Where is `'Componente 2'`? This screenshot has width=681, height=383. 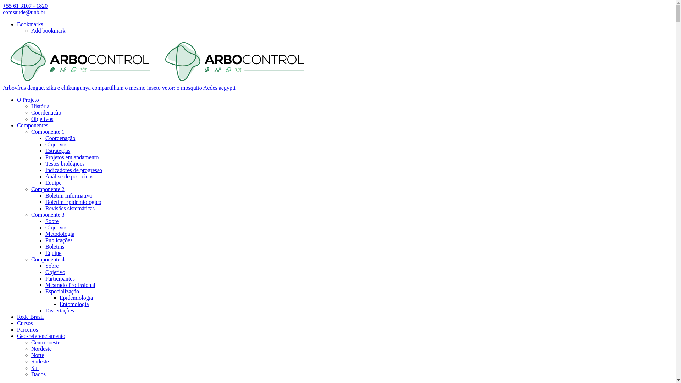 'Componente 2' is located at coordinates (47, 189).